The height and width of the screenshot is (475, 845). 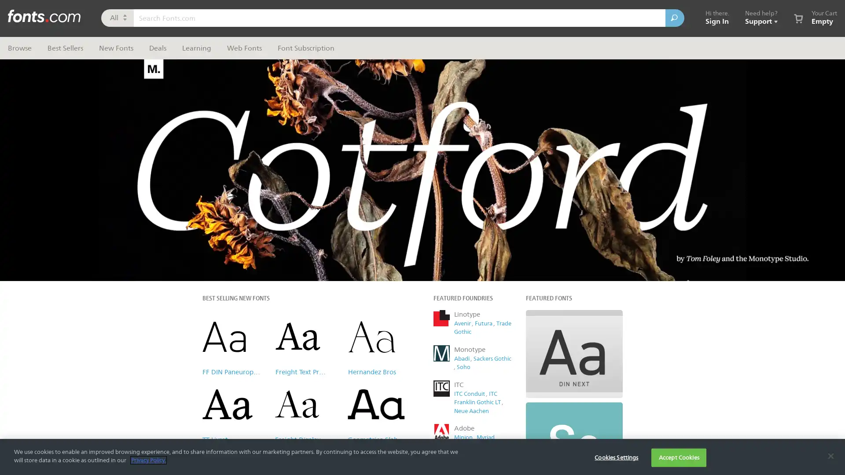 I want to click on Close, so click(x=588, y=63).